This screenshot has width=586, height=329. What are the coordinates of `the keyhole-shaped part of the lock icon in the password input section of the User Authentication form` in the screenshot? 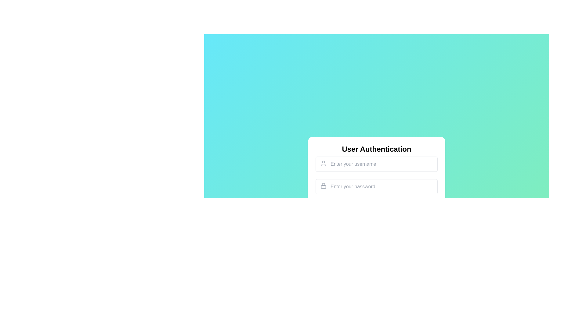 It's located at (323, 186).